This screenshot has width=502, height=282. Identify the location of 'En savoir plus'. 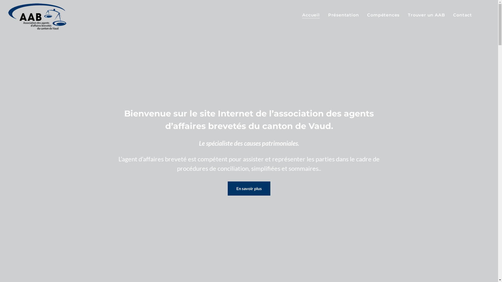
(249, 188).